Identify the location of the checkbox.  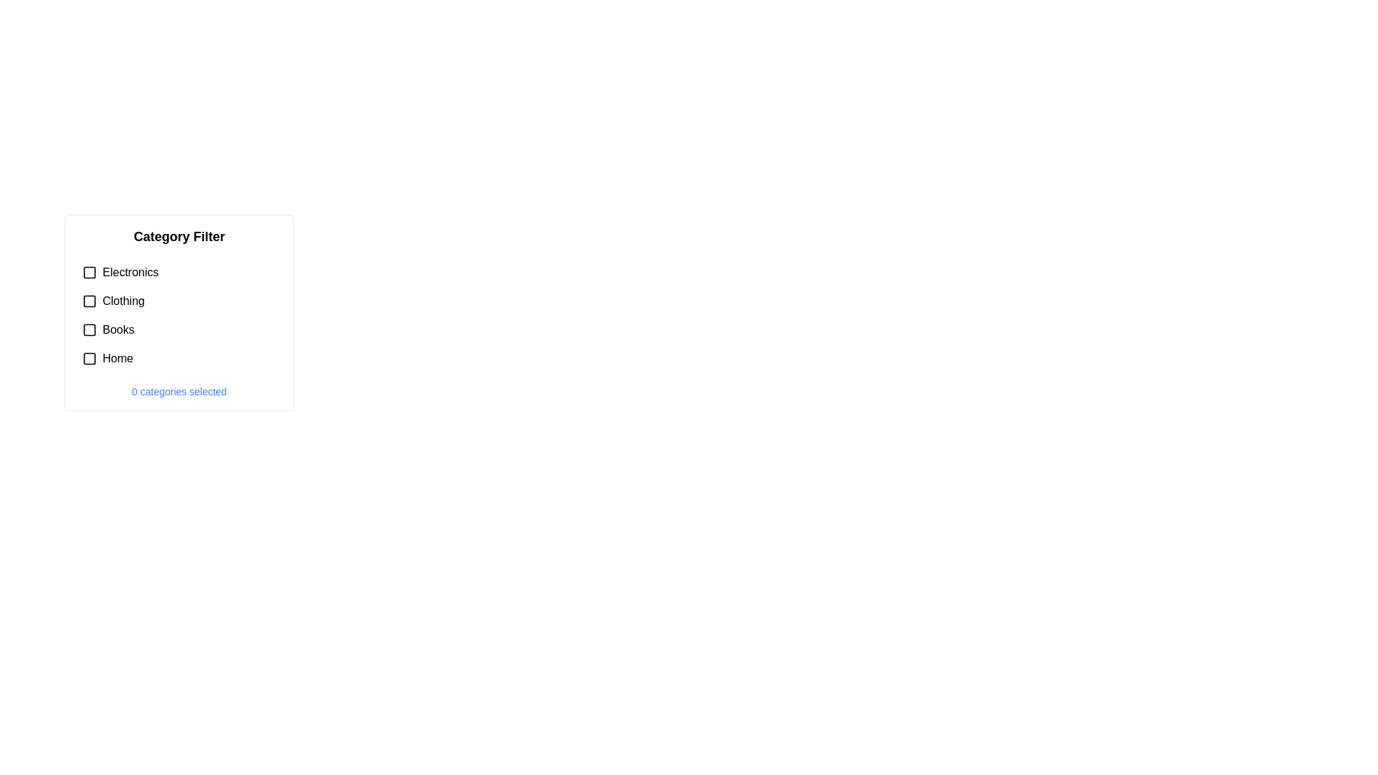
(88, 358).